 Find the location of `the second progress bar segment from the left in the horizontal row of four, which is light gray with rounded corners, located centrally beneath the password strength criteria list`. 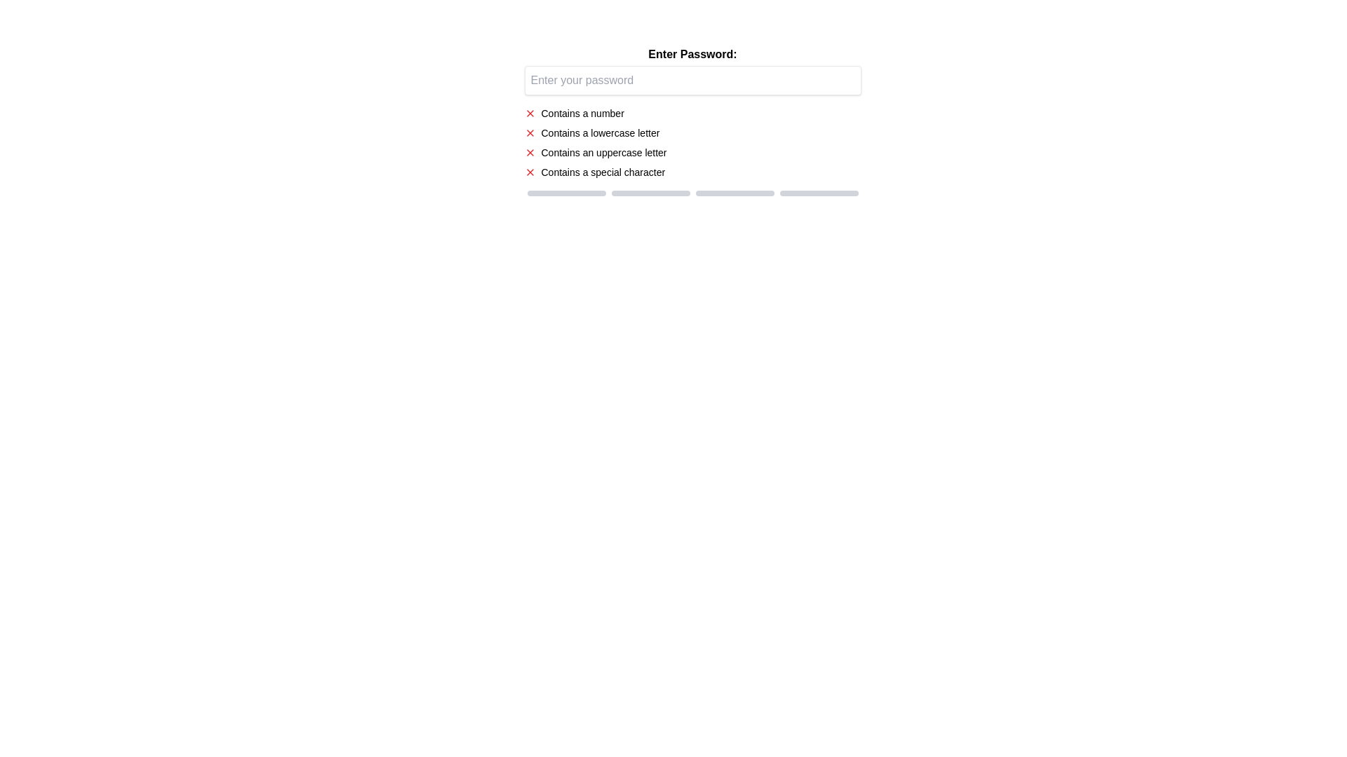

the second progress bar segment from the left in the horizontal row of four, which is light gray with rounded corners, located centrally beneath the password strength criteria list is located at coordinates (650, 193).